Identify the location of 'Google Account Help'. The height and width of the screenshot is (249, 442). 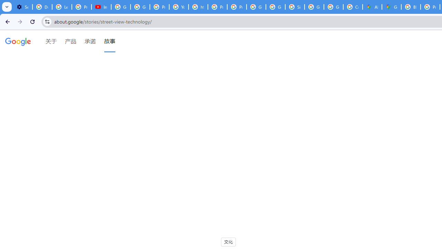
(140, 7).